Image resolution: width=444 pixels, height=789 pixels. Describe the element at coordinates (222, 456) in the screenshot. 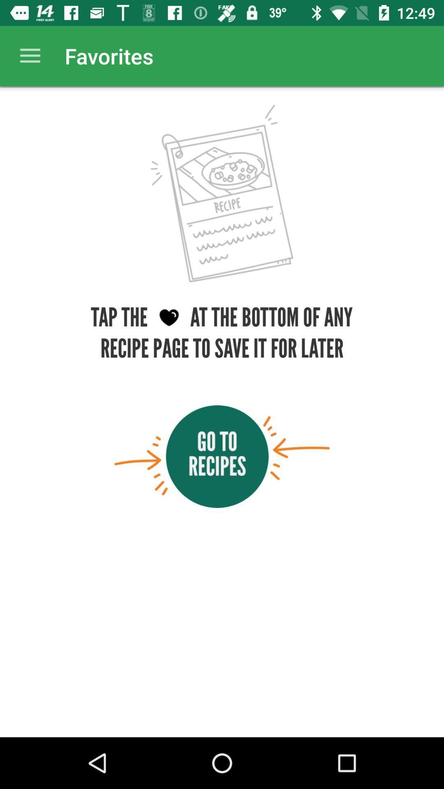

I see `recipies` at that location.